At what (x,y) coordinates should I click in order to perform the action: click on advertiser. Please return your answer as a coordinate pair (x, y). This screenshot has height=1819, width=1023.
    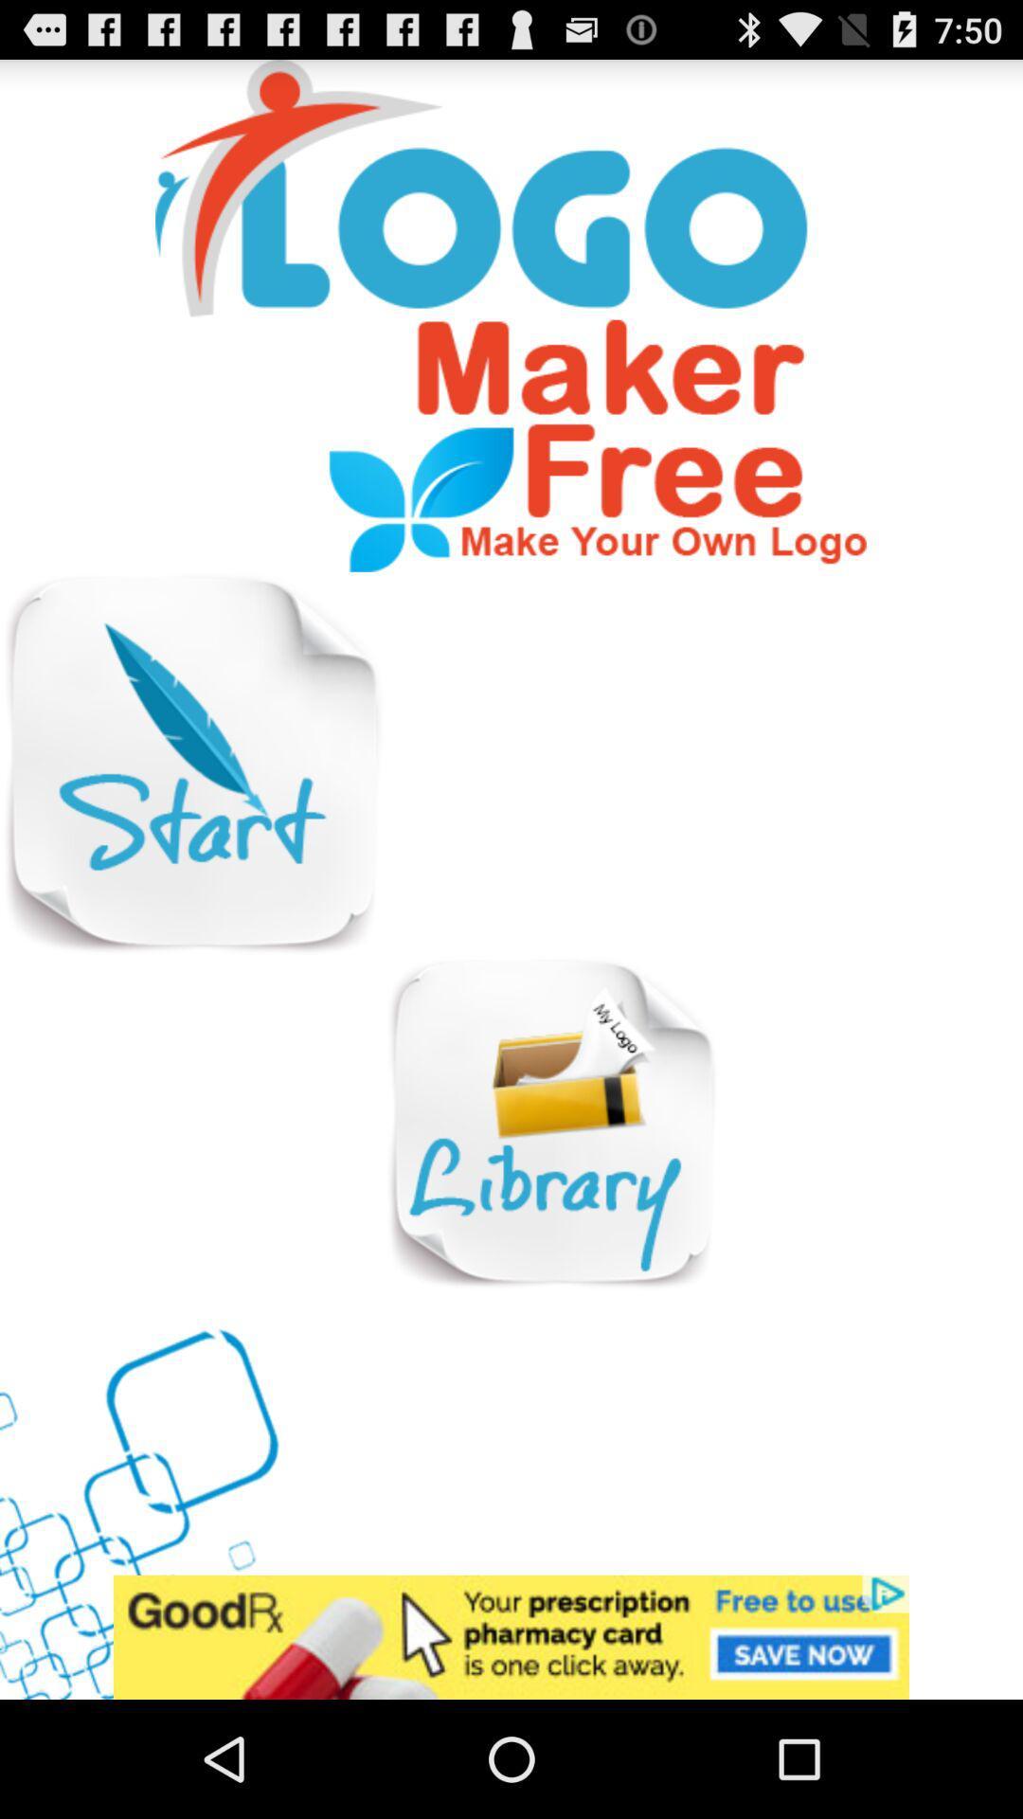
    Looking at the image, I should click on (511, 1636).